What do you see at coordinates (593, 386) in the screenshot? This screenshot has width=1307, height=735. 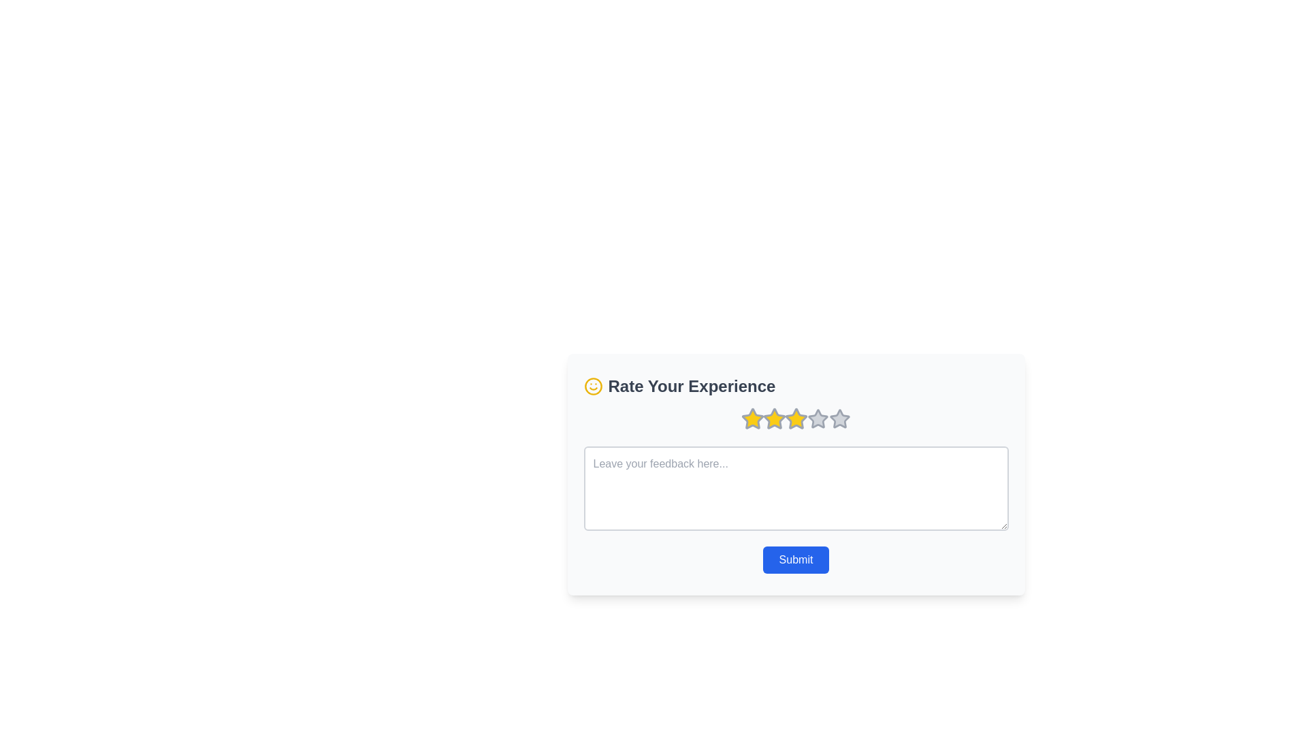 I see `the circular icon border of the smiley face, which serves as the boundary for the feedback option located to the left of the 'Rate Your Experience' text` at bounding box center [593, 386].